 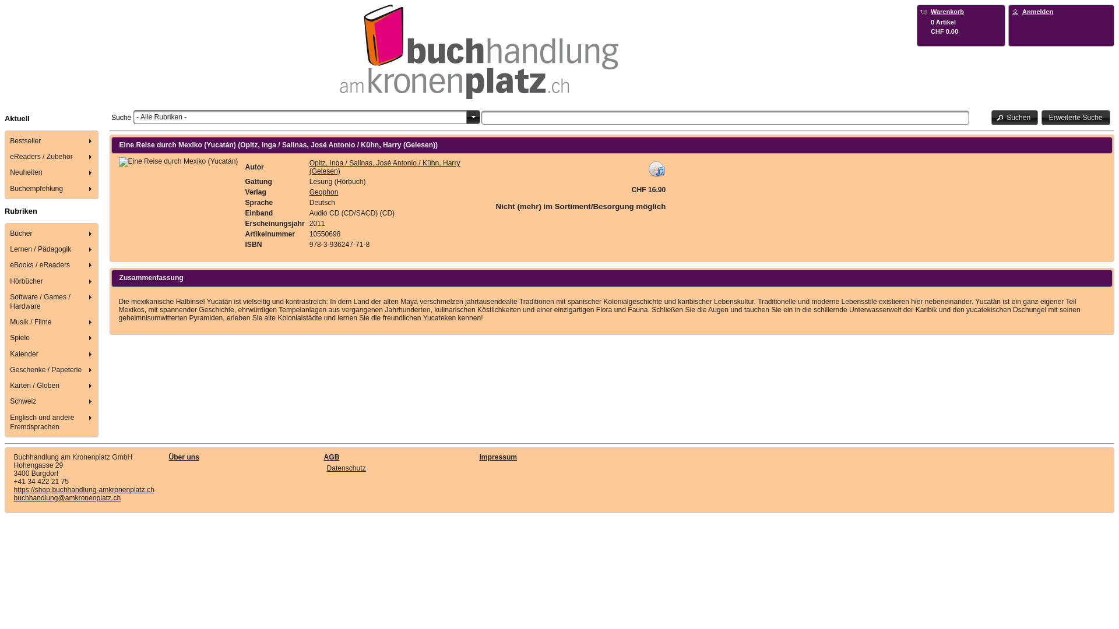 I want to click on 'Impressum', so click(x=498, y=457).